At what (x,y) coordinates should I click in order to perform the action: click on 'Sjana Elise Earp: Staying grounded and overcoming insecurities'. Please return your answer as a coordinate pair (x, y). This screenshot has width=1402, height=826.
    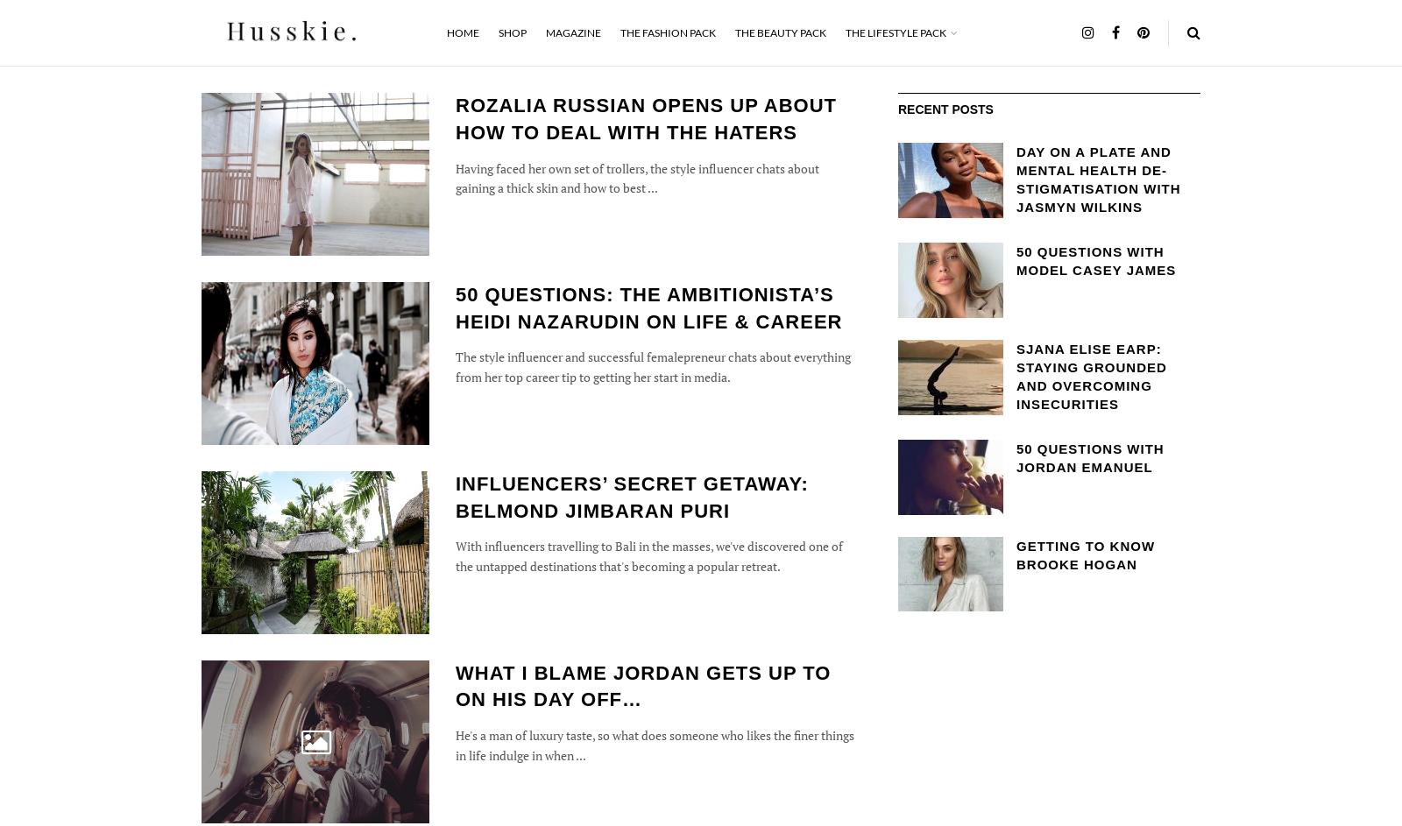
    Looking at the image, I should click on (1016, 375).